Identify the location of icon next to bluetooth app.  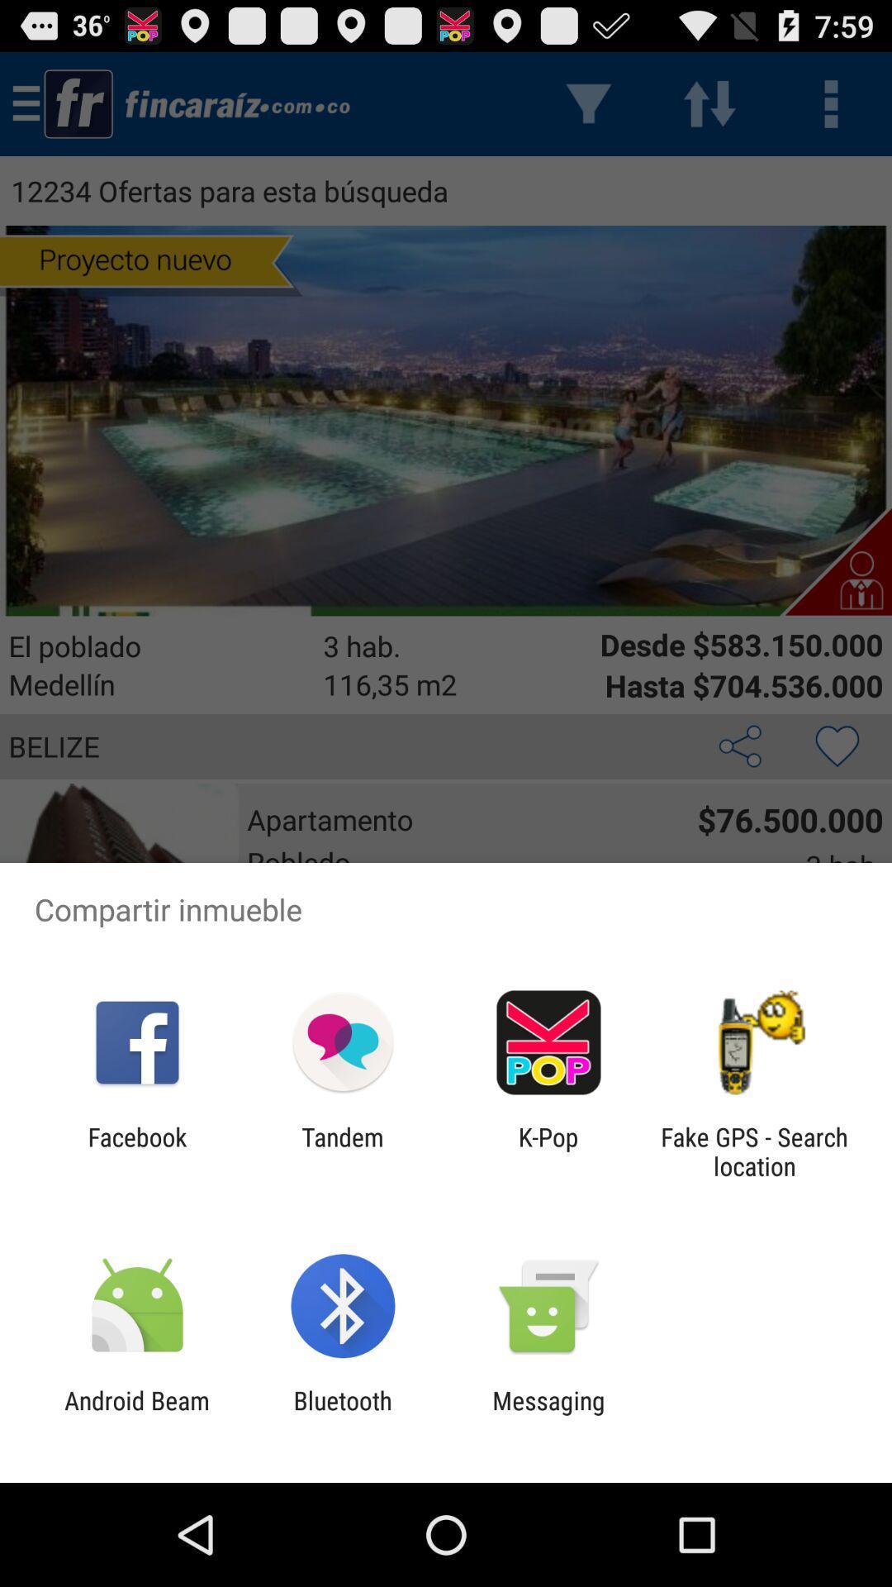
(136, 1414).